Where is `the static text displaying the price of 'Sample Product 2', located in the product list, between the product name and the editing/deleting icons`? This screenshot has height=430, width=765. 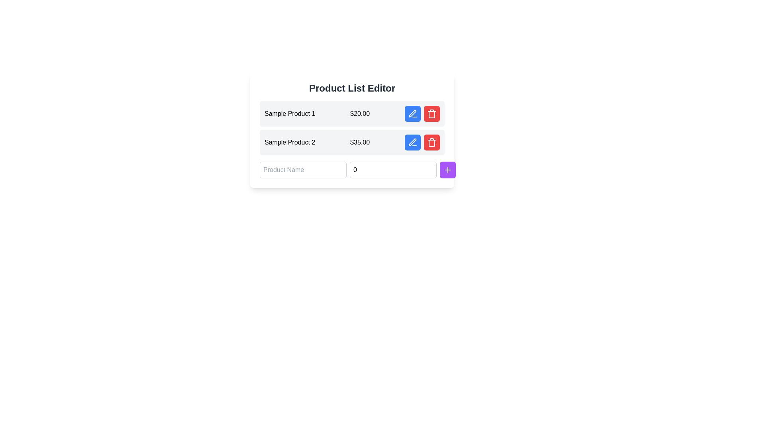
the static text displaying the price of 'Sample Product 2', located in the product list, between the product name and the editing/deleting icons is located at coordinates (359, 142).